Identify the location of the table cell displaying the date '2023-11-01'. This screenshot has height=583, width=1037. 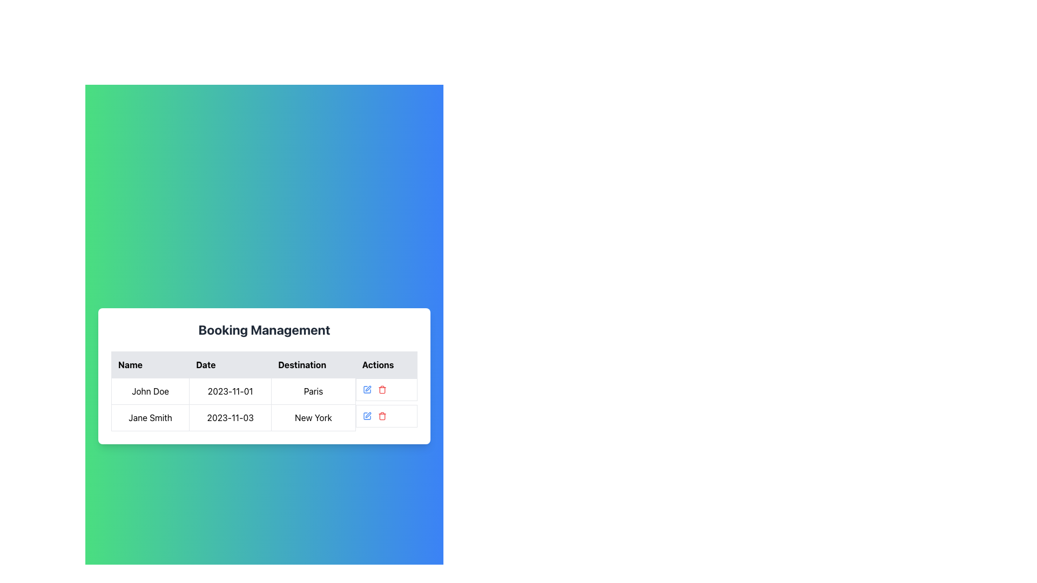
(264, 391).